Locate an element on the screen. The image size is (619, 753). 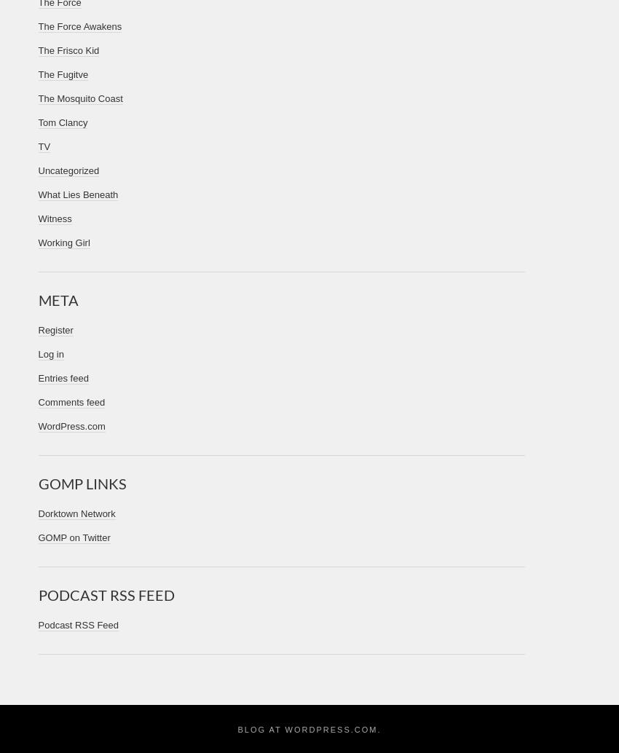
'Meta' is located at coordinates (58, 299).